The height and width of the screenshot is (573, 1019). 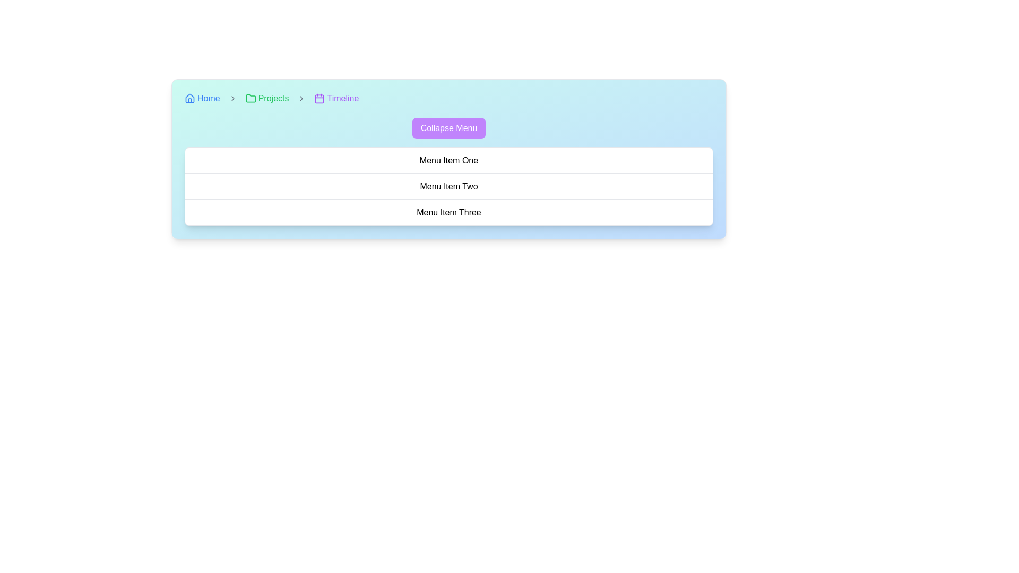 I want to click on the Chevron-Right icon in the breadcrumb navigation bar that separates 'Home' and 'Projects' links, so click(x=232, y=98).